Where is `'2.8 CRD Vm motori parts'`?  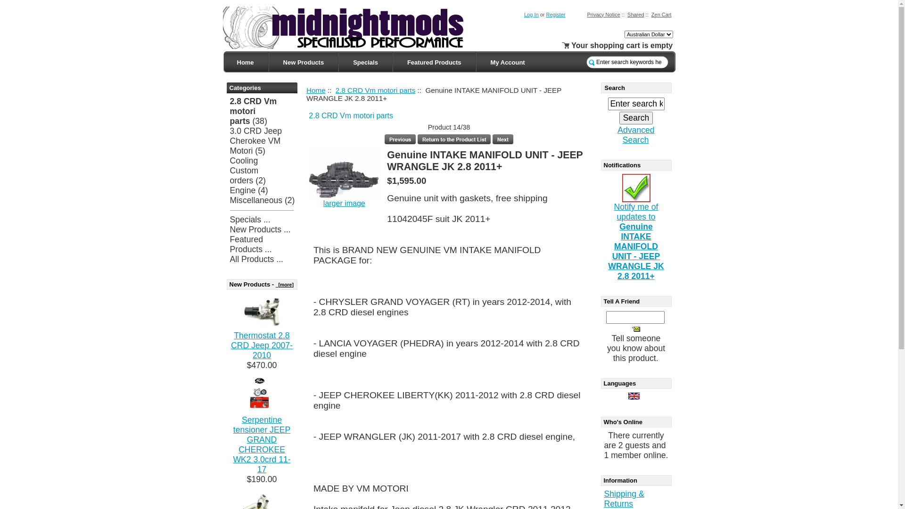 '2.8 CRD Vm motori parts' is located at coordinates (253, 110).